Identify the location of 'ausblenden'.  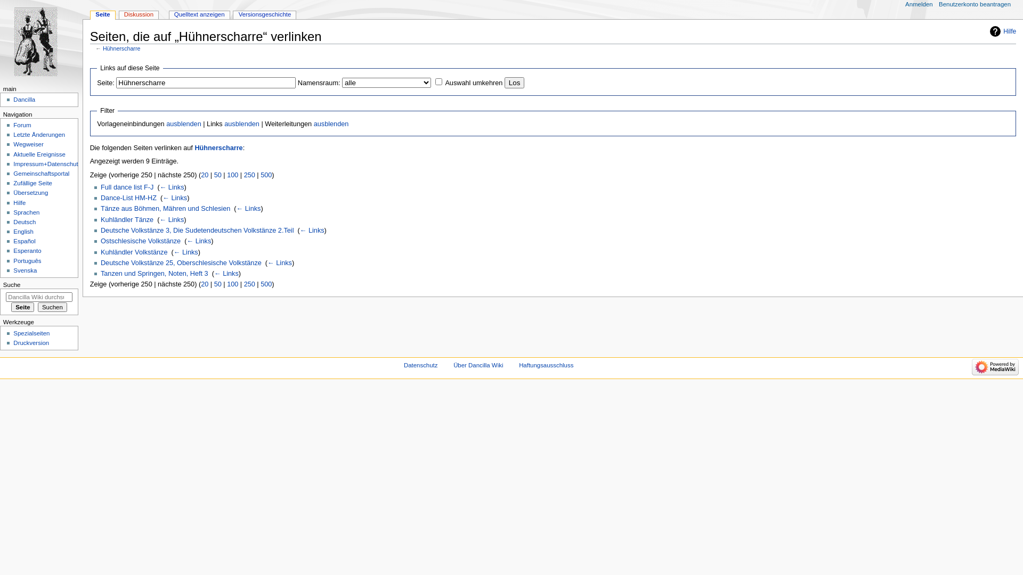
(184, 123).